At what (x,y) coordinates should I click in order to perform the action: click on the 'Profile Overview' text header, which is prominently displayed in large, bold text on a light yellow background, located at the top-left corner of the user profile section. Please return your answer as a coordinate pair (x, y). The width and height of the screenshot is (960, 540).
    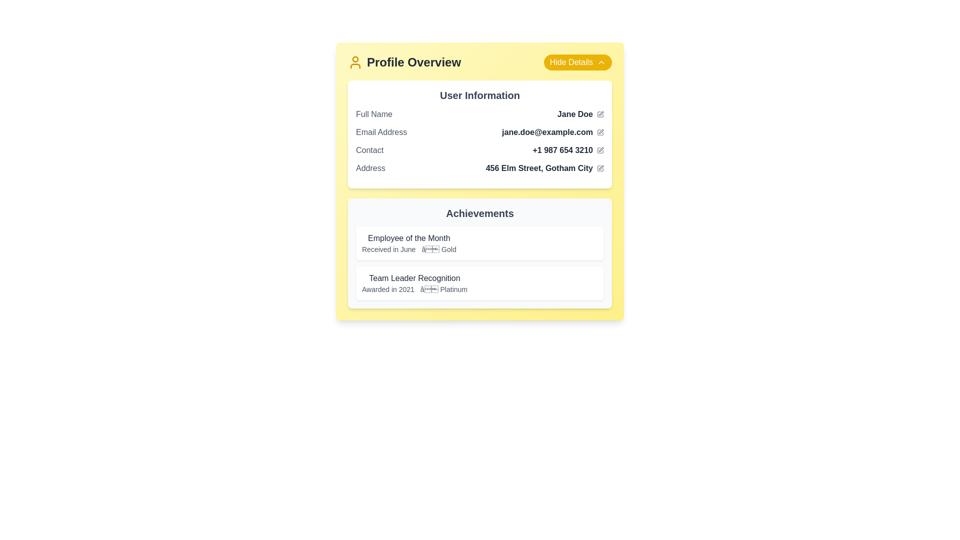
    Looking at the image, I should click on (414, 62).